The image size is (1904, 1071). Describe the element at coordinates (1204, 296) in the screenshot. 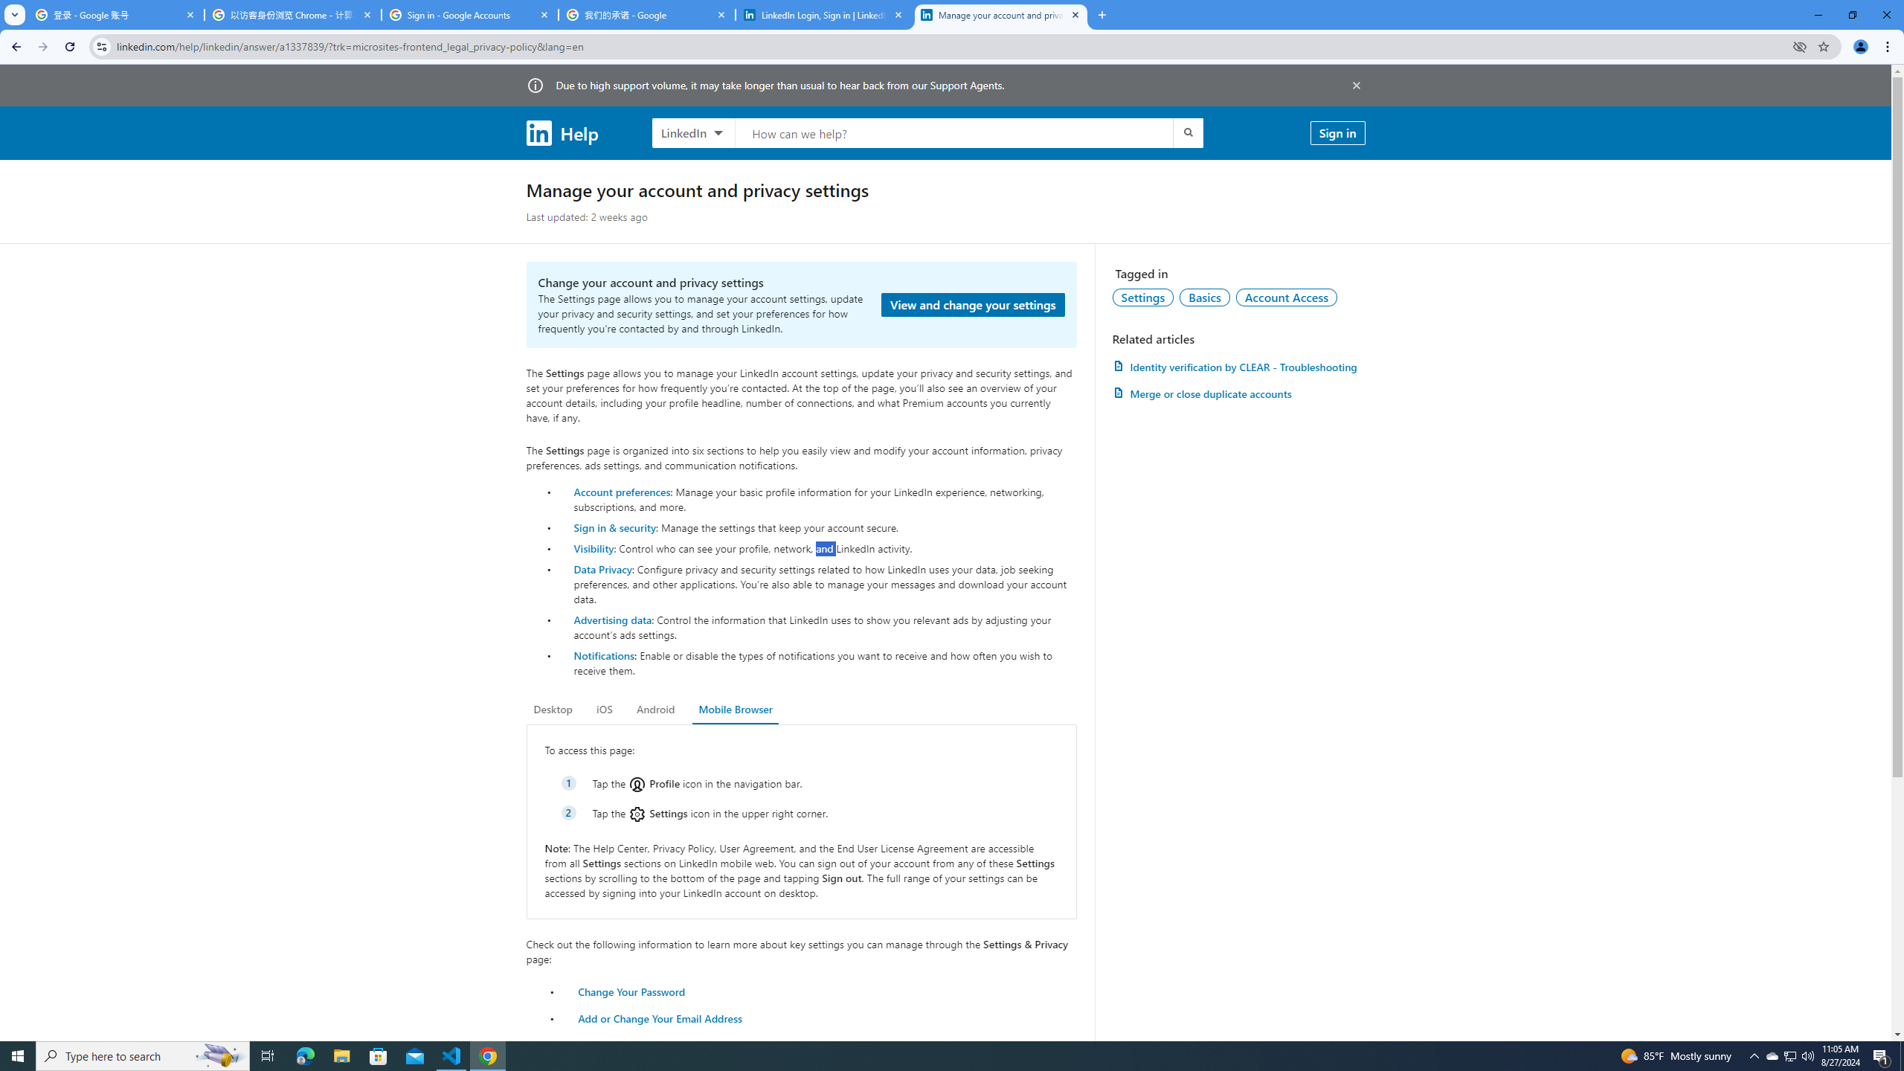

I see `'Basics'` at that location.